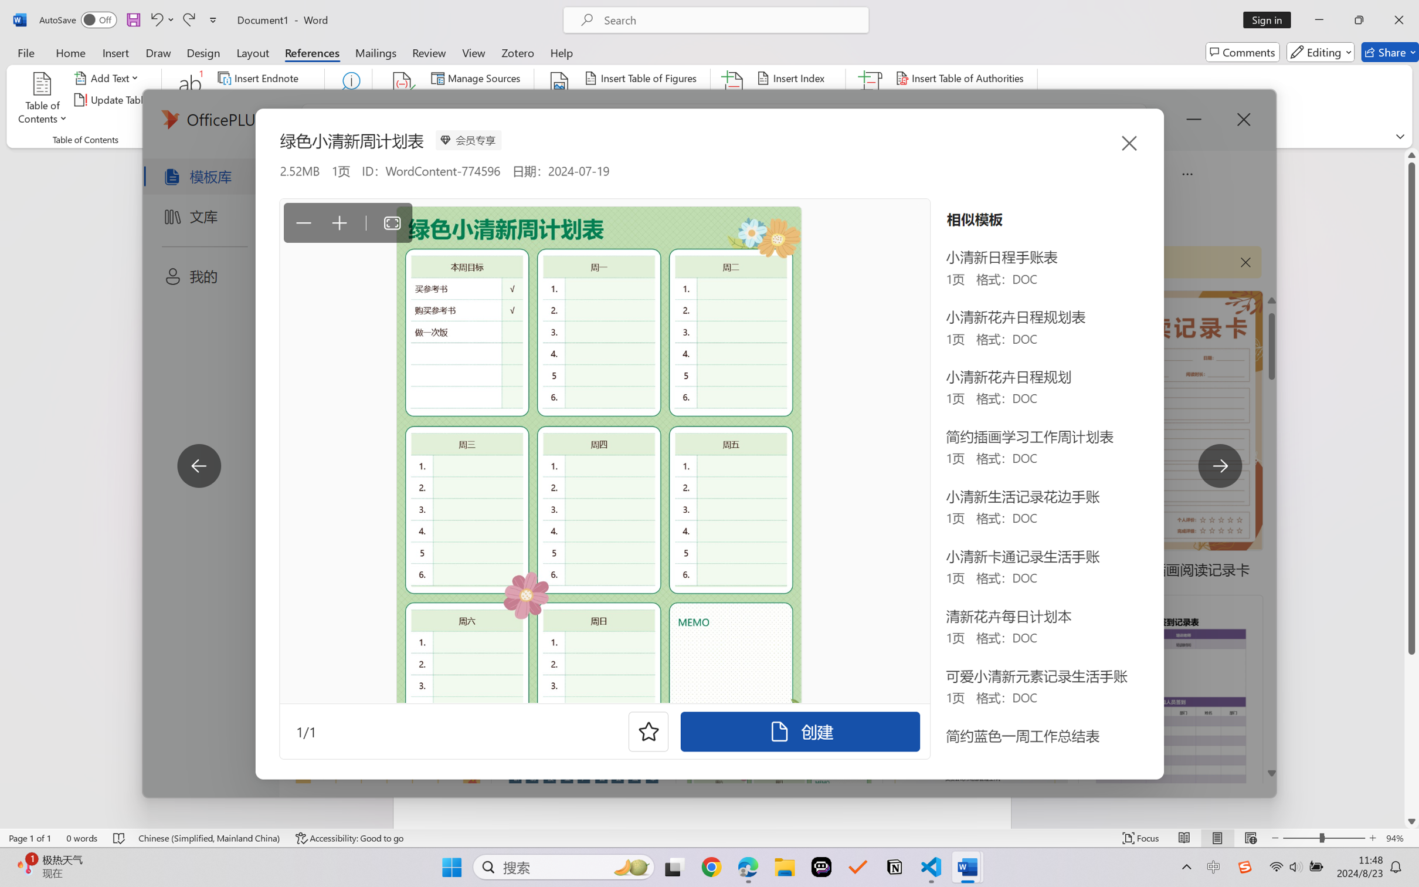  What do you see at coordinates (161, 19) in the screenshot?
I see `'Undo Apply Quick Style Set'` at bounding box center [161, 19].